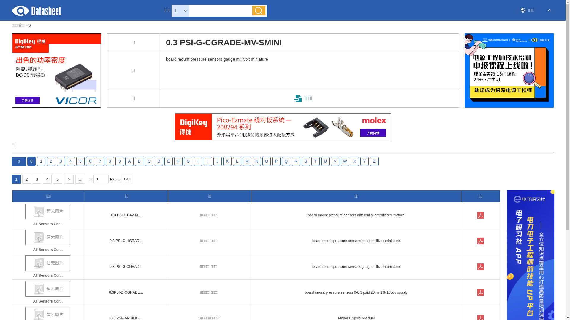 Image resolution: width=570 pixels, height=320 pixels. What do you see at coordinates (125, 292) in the screenshot?
I see `'0.3PSI-D-CGRADE...'` at bounding box center [125, 292].